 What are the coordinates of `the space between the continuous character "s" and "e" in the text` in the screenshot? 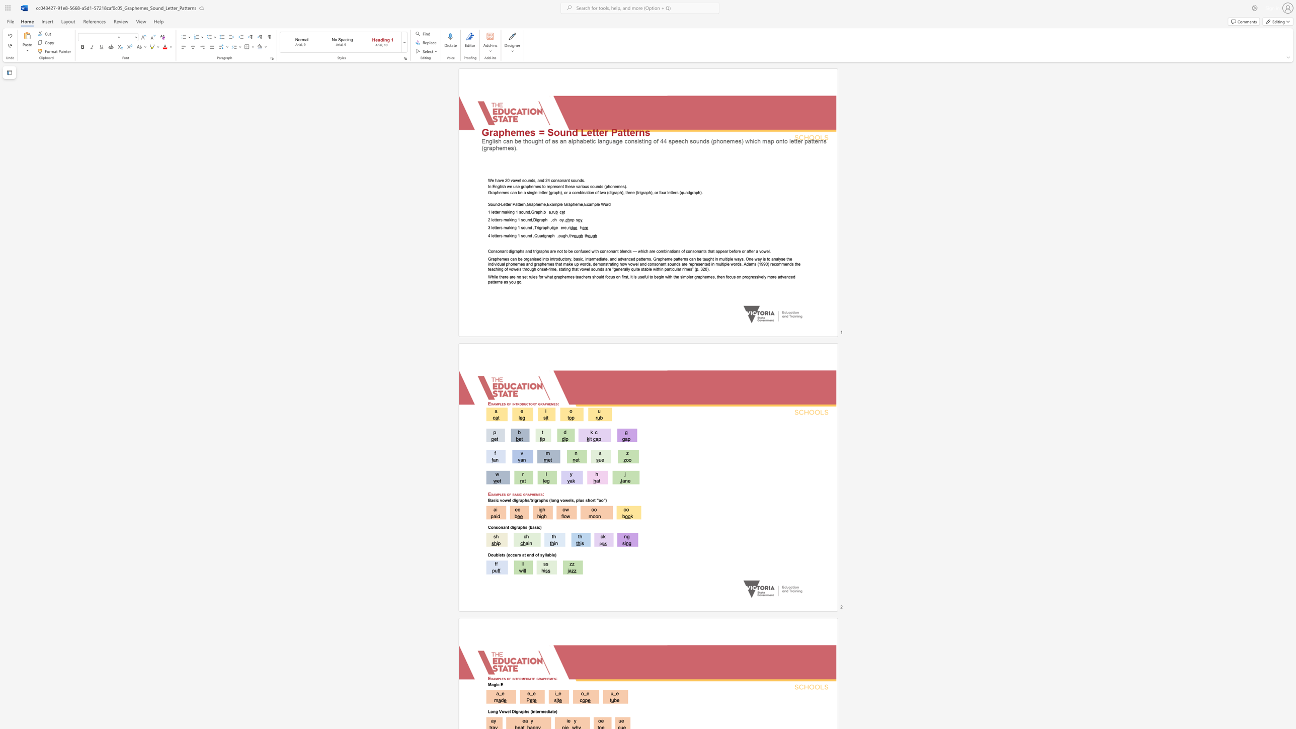 It's located at (586, 251).